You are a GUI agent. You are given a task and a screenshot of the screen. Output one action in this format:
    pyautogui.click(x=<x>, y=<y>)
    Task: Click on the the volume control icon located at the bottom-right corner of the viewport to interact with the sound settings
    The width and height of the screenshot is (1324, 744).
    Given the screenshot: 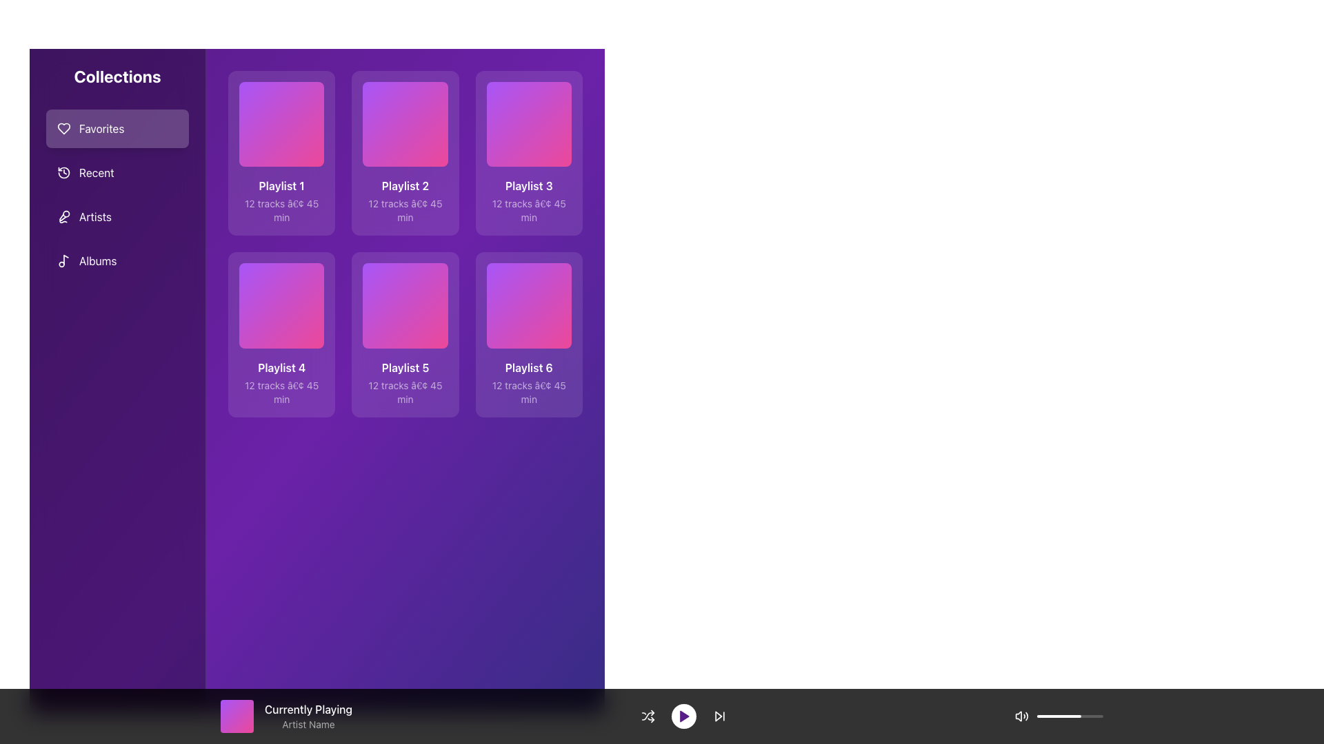 What is the action you would take?
    pyautogui.click(x=1022, y=716)
    